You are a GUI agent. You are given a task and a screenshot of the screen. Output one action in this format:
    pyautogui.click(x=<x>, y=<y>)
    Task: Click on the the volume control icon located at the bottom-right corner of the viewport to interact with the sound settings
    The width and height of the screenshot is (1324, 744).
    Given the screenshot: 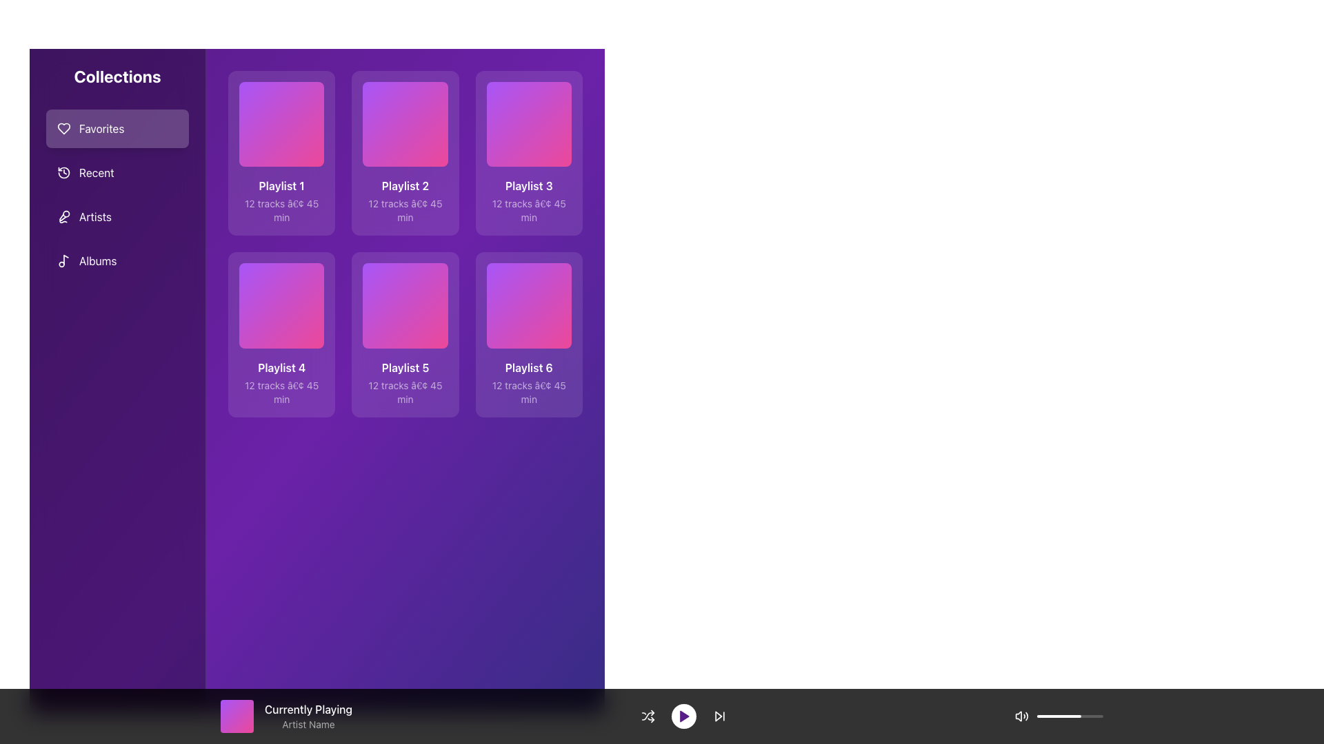 What is the action you would take?
    pyautogui.click(x=1022, y=716)
    